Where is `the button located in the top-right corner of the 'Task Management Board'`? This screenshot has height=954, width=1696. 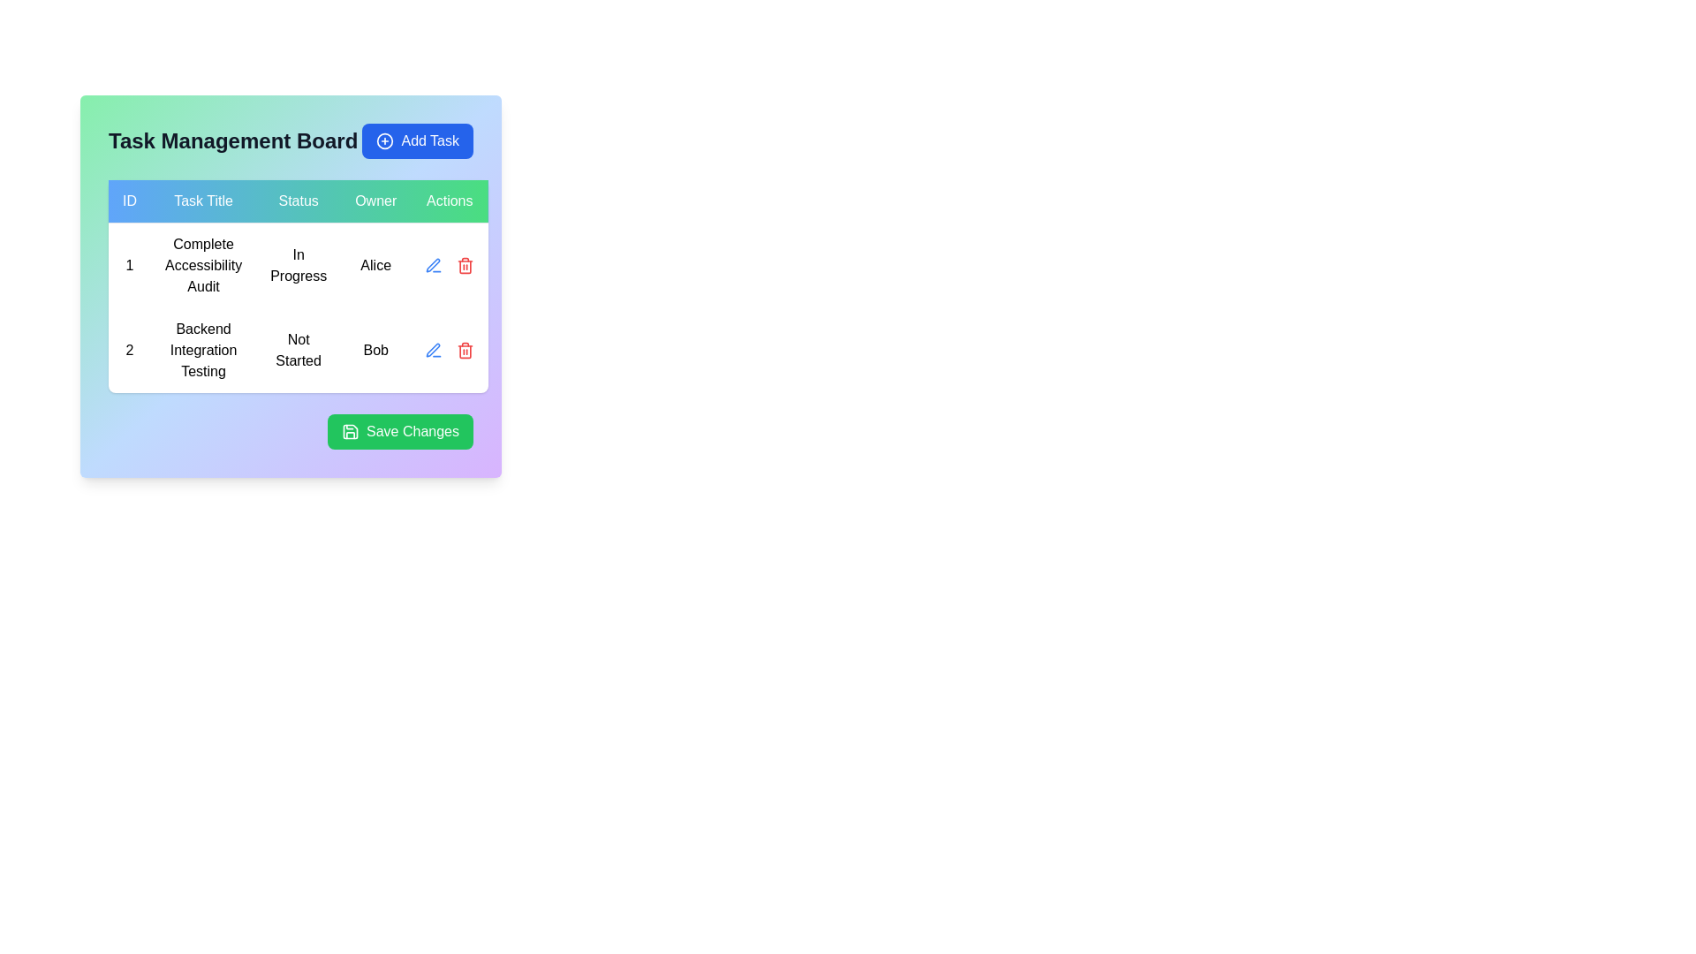
the button located in the top-right corner of the 'Task Management Board' is located at coordinates (417, 140).